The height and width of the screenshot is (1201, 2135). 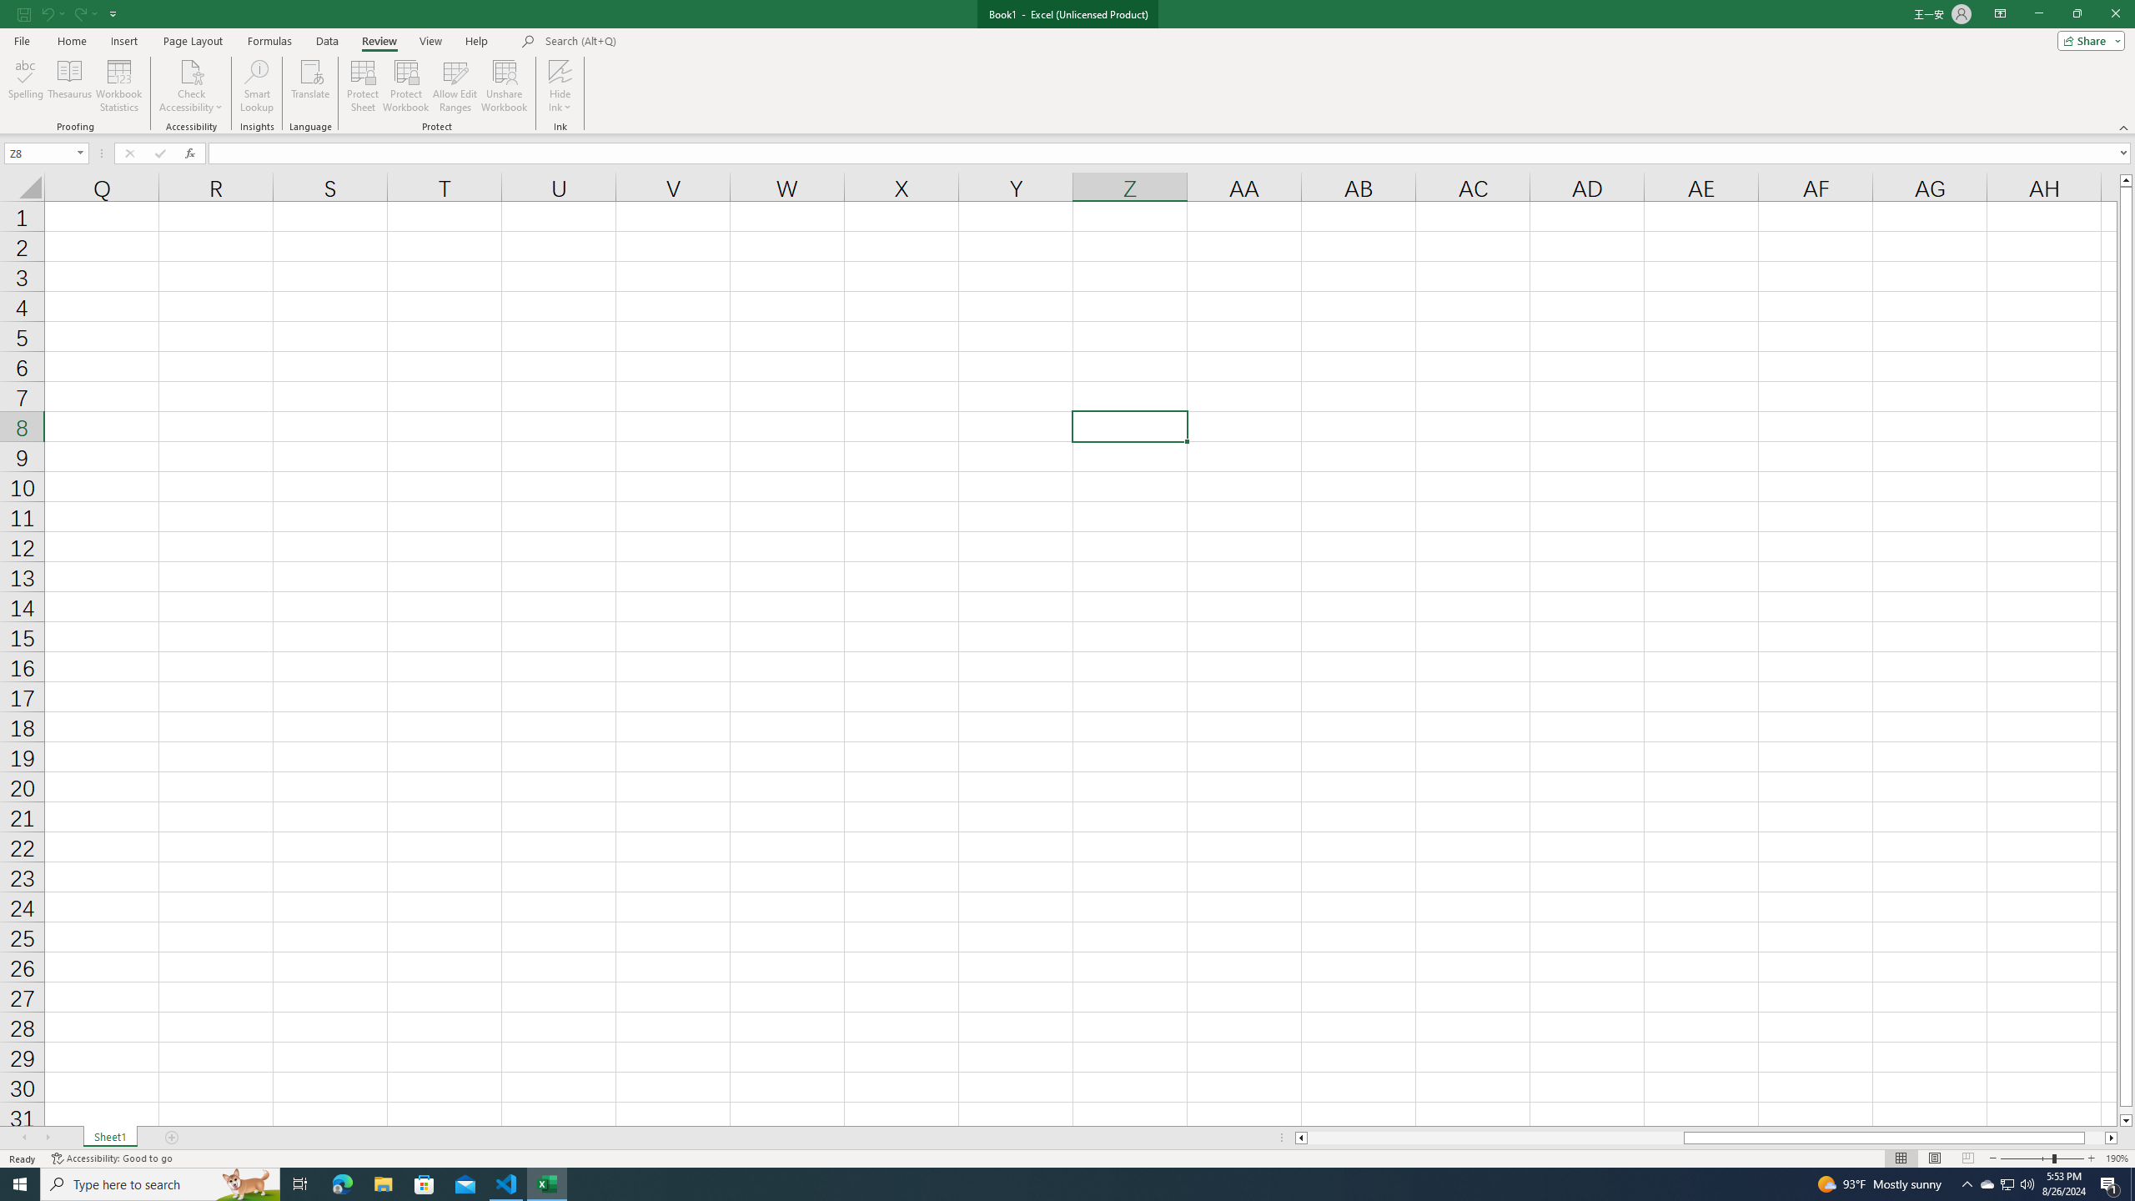 What do you see at coordinates (560, 70) in the screenshot?
I see `'Hide Ink'` at bounding box center [560, 70].